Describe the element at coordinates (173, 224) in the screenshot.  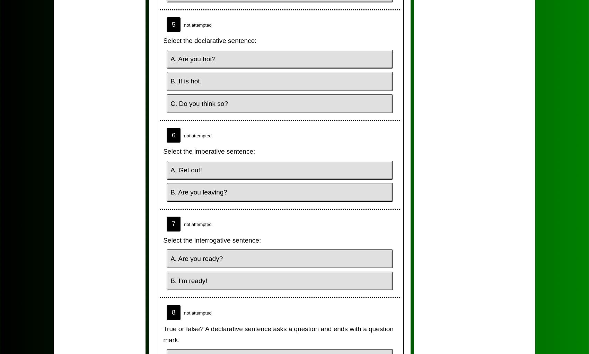
I see `'7'` at that location.